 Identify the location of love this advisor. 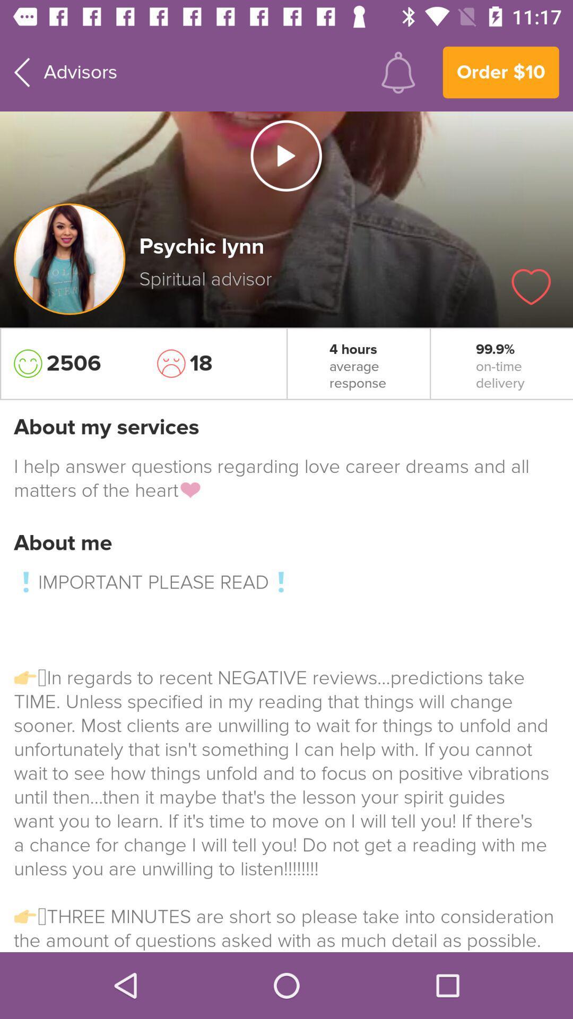
(531, 287).